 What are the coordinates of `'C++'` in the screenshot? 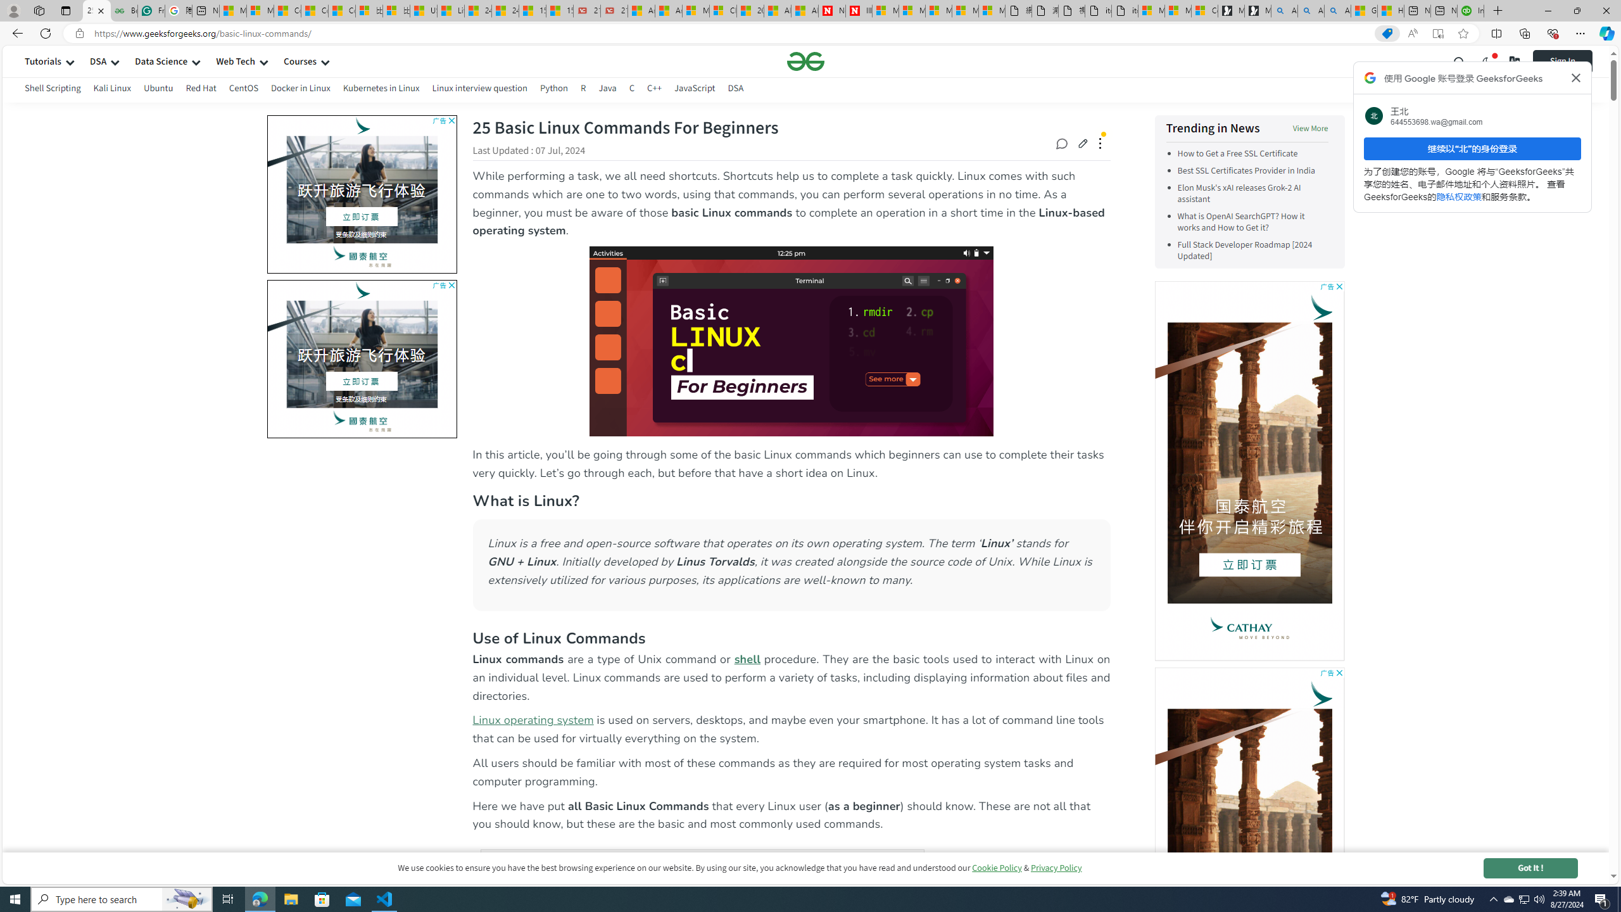 It's located at (653, 89).